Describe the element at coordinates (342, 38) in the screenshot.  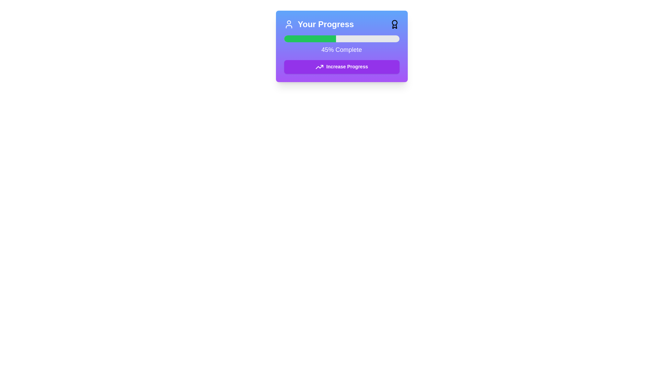
I see `the Progress Bar indicating 45% completion, located below the title 'Your Progress' and above the '45% Complete' text label` at that location.